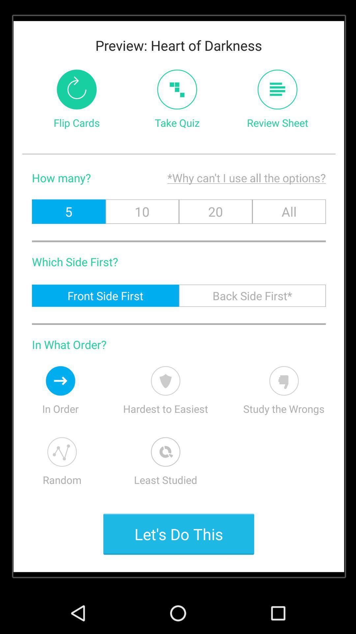 The image size is (356, 634). I want to click on icon to the left of the take quiz item, so click(76, 89).